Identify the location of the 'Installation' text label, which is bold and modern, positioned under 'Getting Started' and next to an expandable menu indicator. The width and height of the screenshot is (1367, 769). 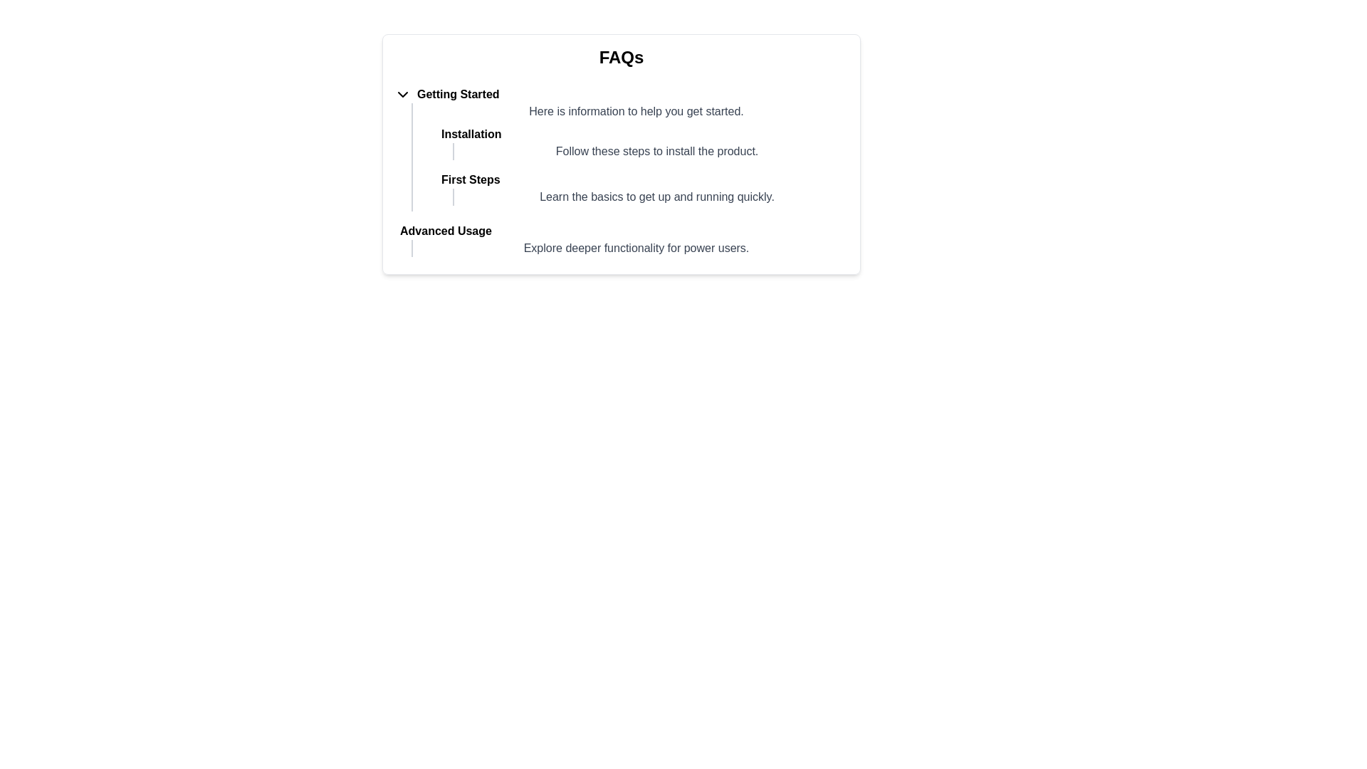
(471, 135).